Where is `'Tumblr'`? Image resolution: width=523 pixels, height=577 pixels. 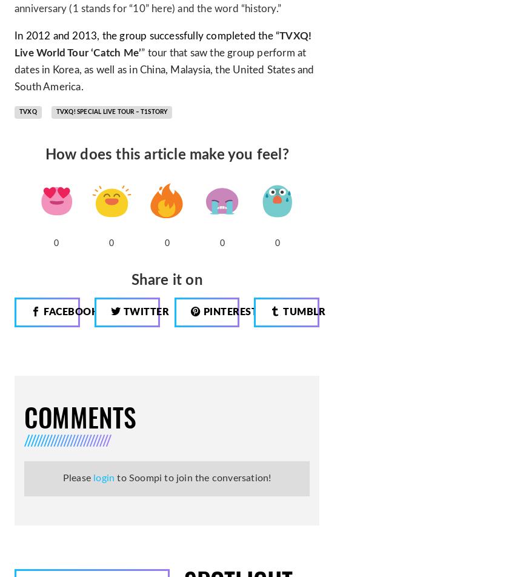
'Tumblr' is located at coordinates (304, 311).